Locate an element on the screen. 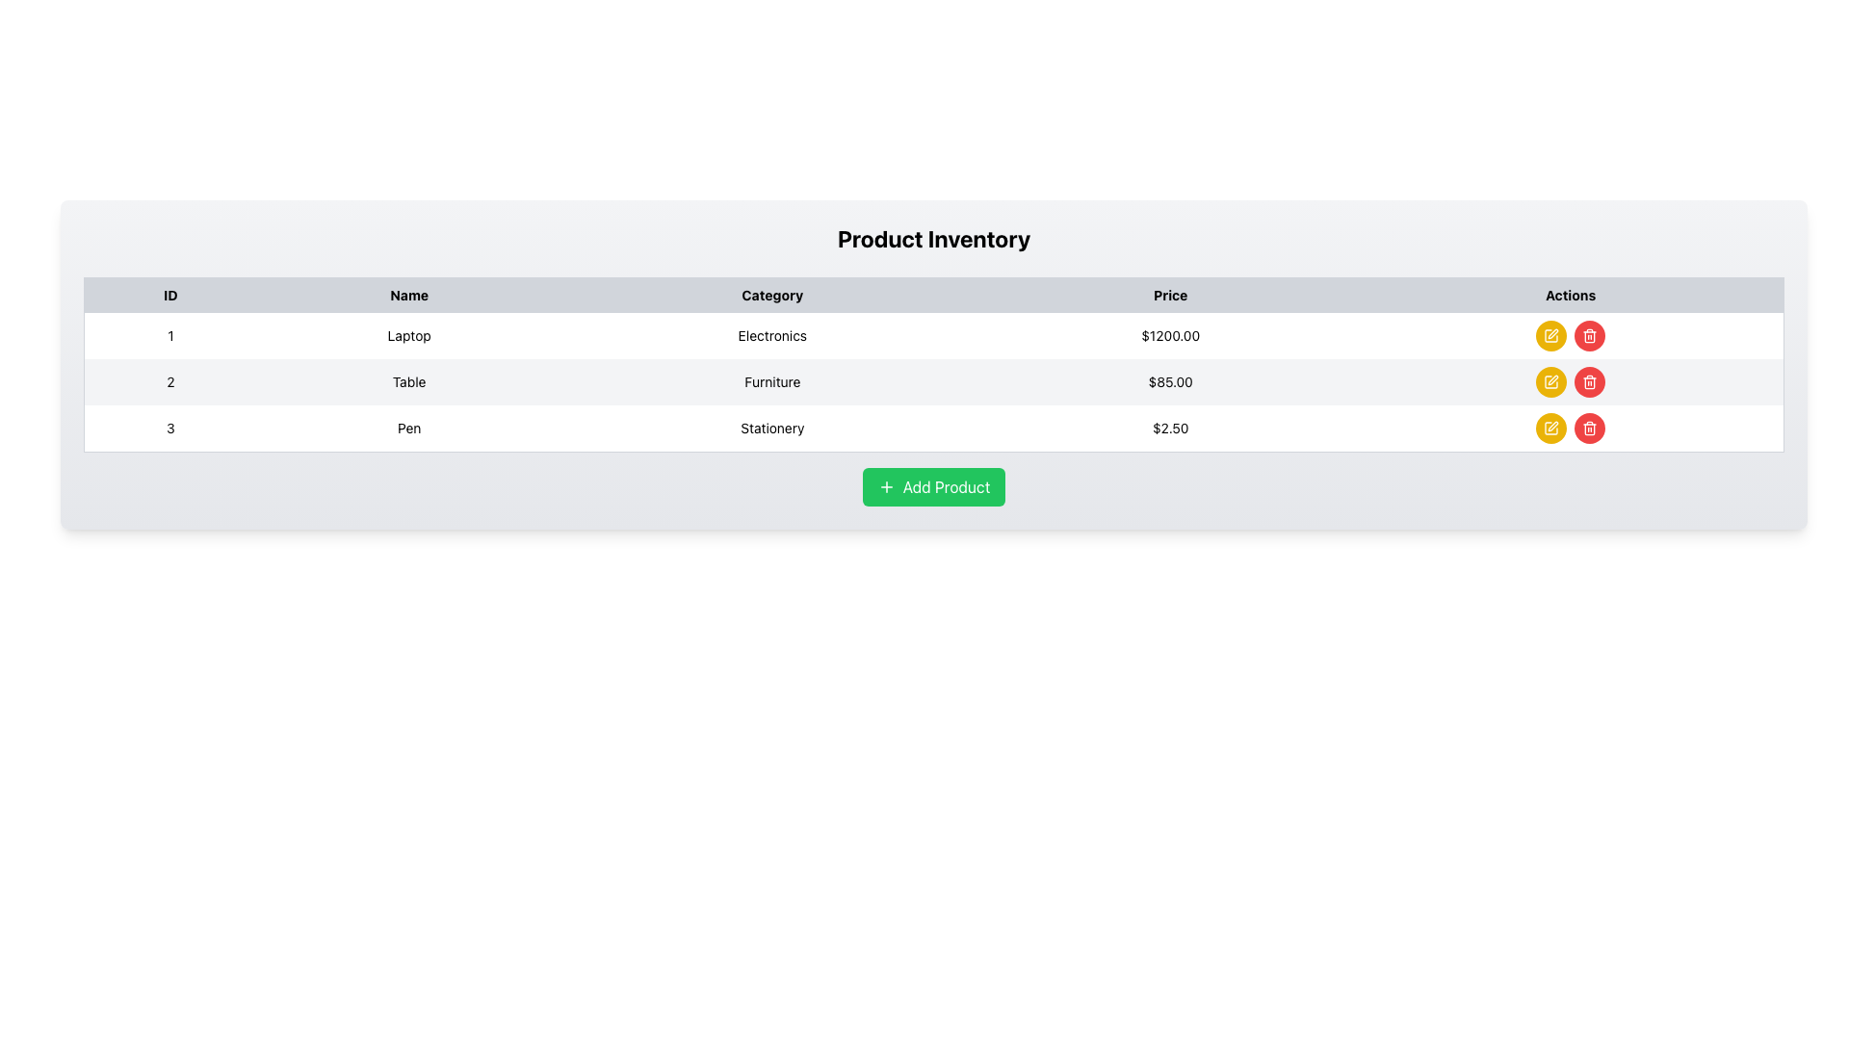 The height and width of the screenshot is (1040, 1849). the Edit action button in the 'Actions' column of the third row is located at coordinates (1553, 333).